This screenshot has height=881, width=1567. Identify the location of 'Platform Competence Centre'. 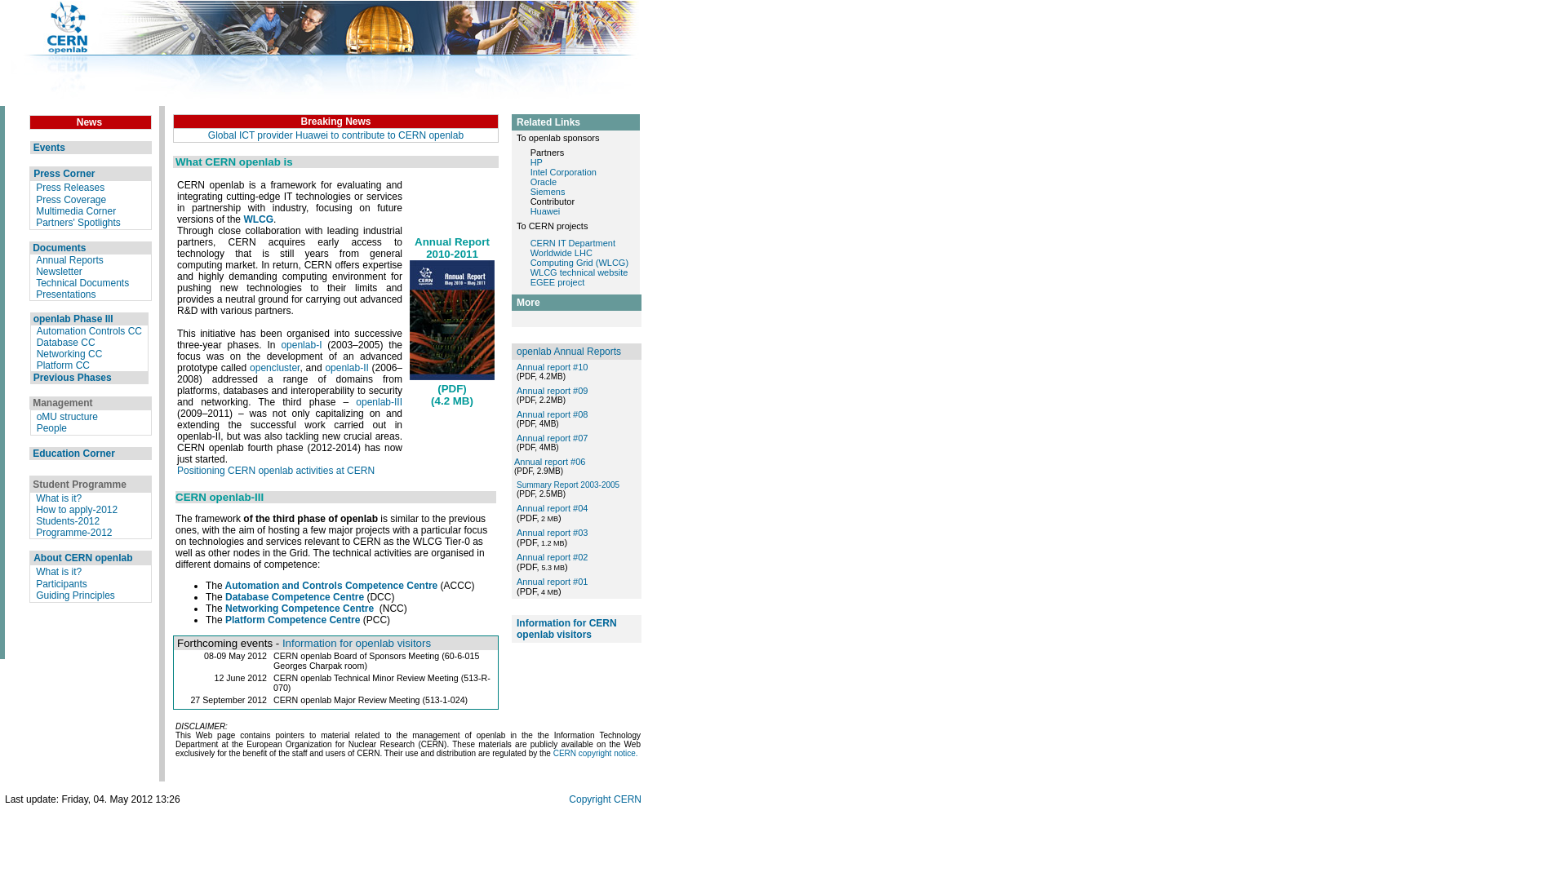
(292, 619).